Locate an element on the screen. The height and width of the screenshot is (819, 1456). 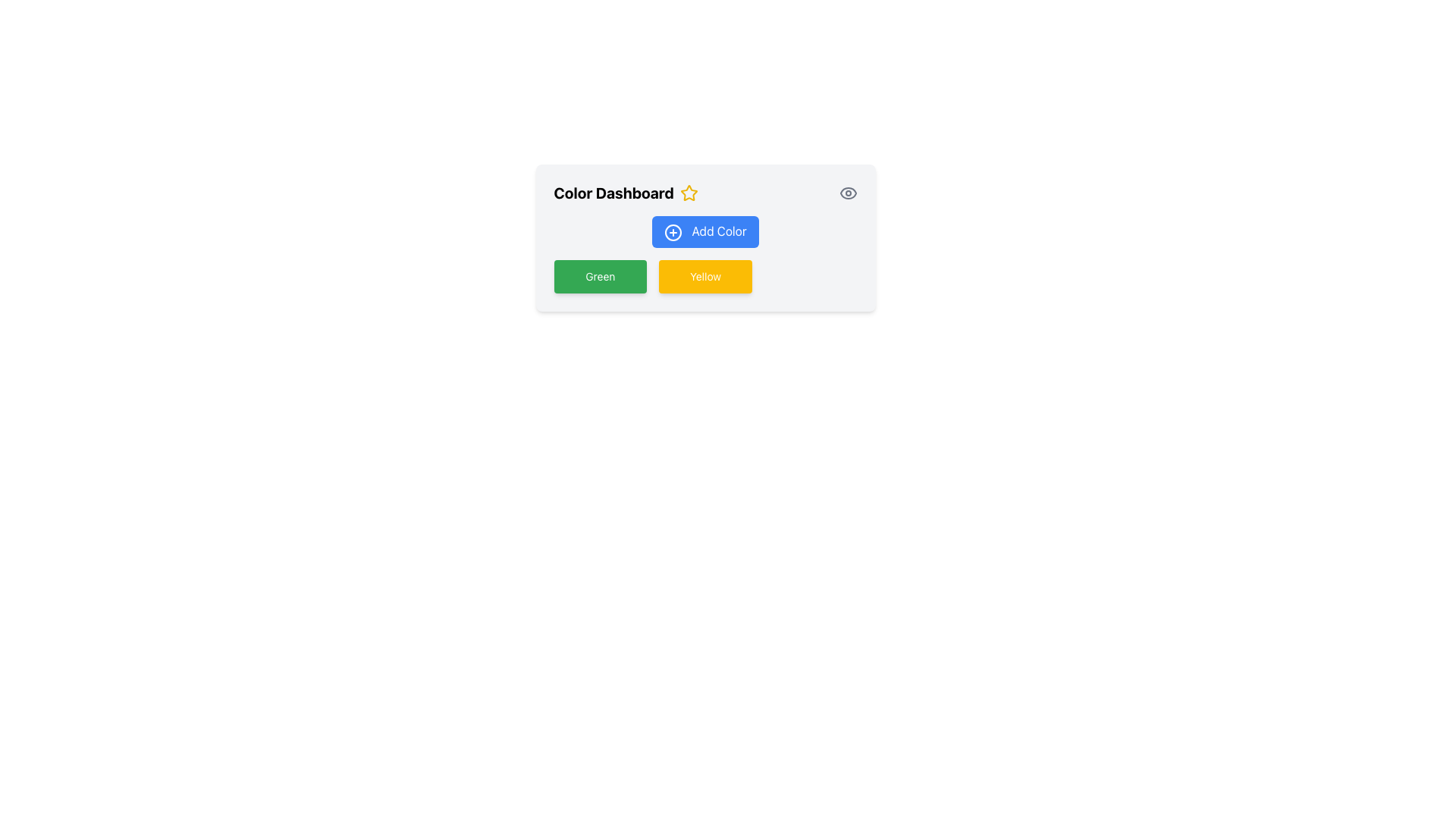
the visibility icon located in the top right corner of the 'Color Dashboard' section is located at coordinates (847, 192).